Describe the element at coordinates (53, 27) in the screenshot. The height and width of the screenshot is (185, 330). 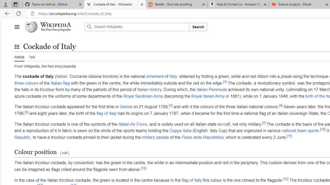
I see `'Wikipedia The Free Encyclopedia'` at that location.